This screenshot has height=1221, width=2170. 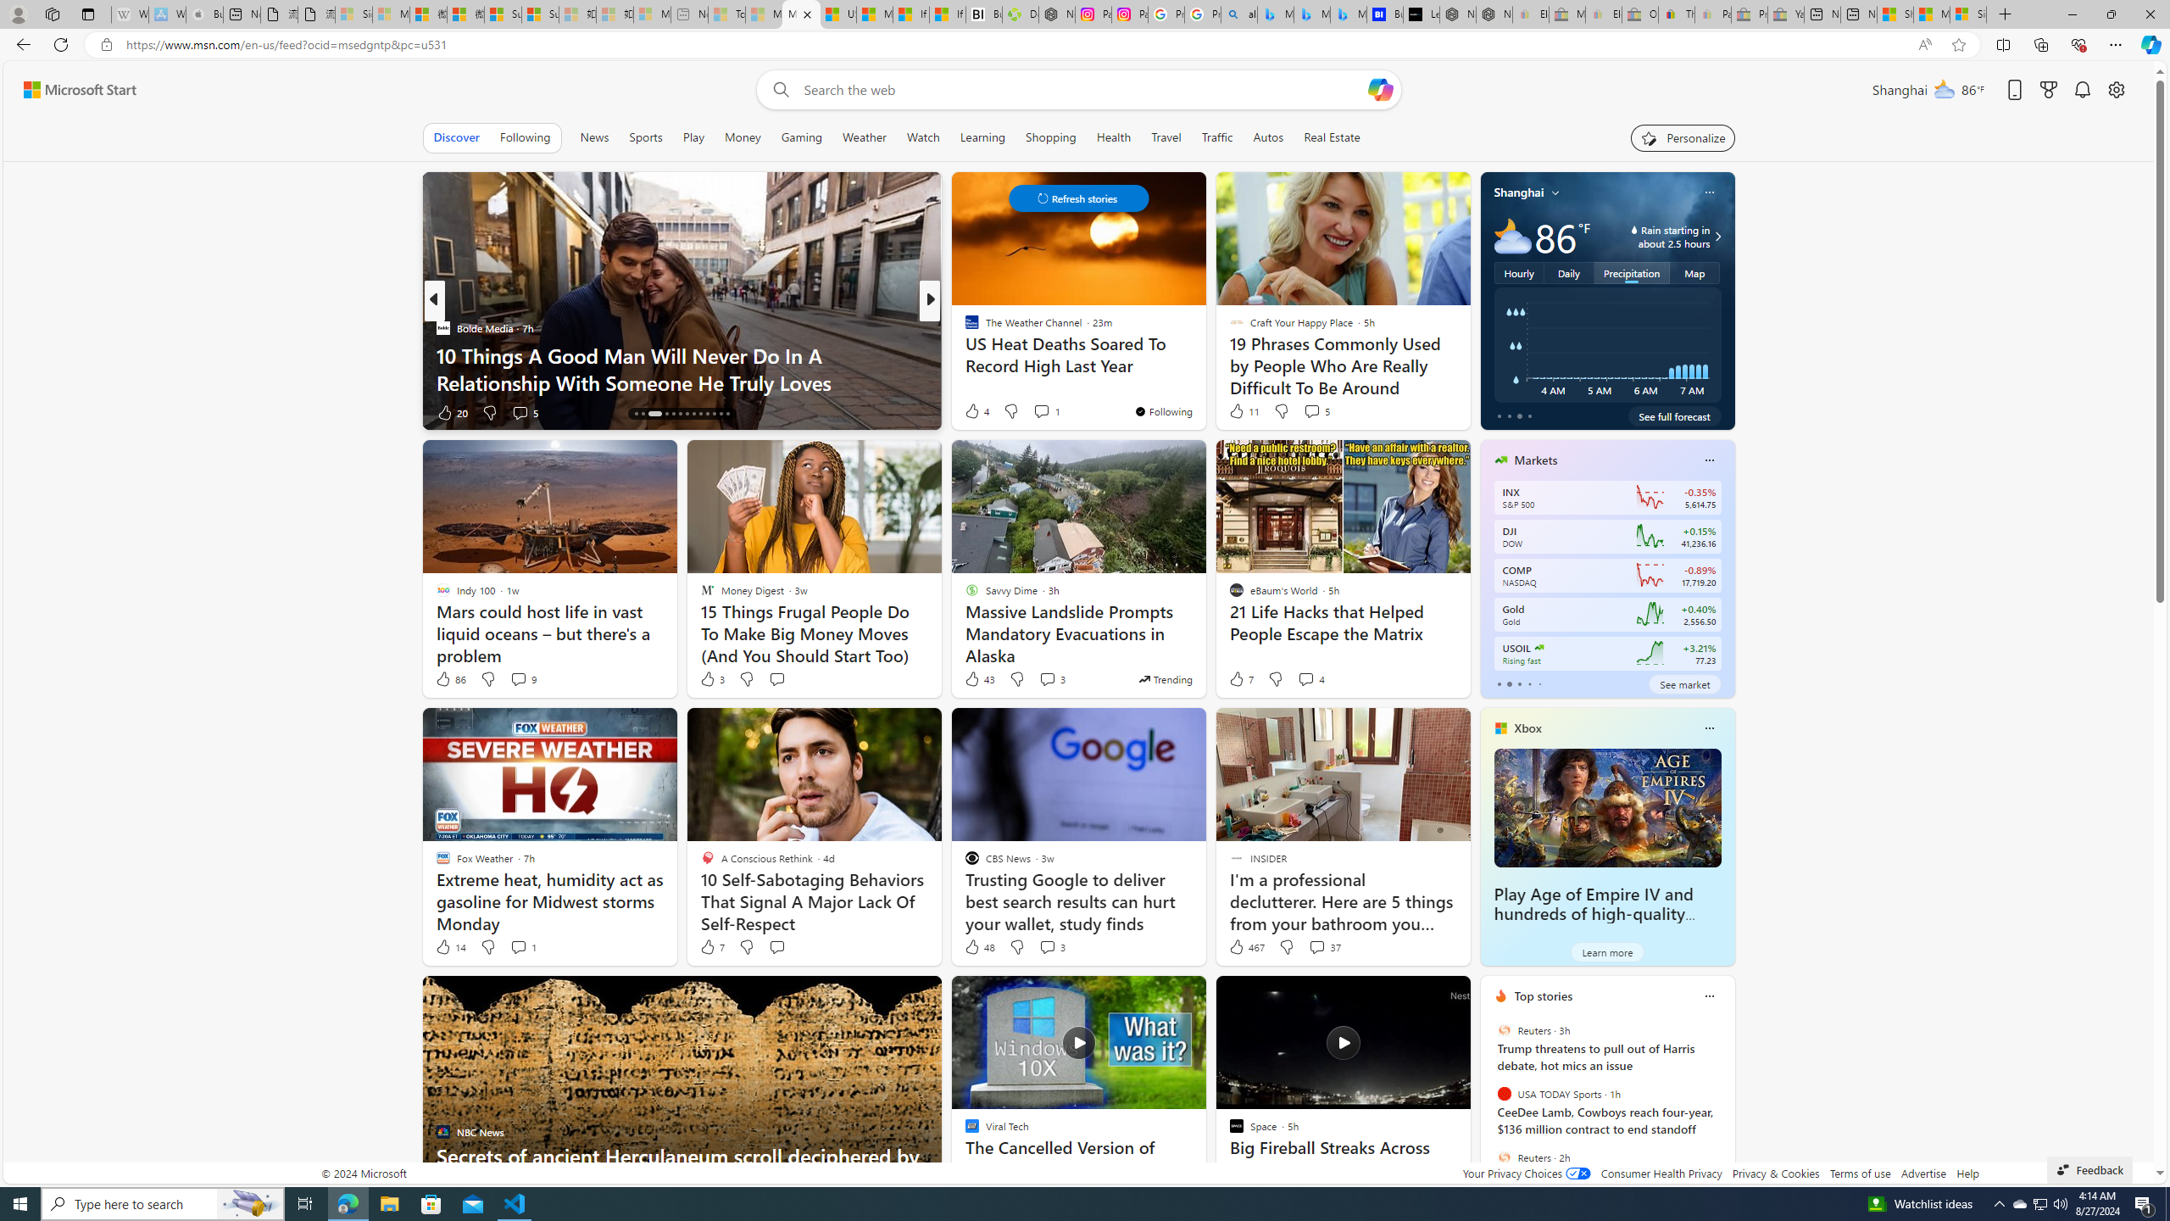 I want to click on '38 Like', so click(x=972, y=412).